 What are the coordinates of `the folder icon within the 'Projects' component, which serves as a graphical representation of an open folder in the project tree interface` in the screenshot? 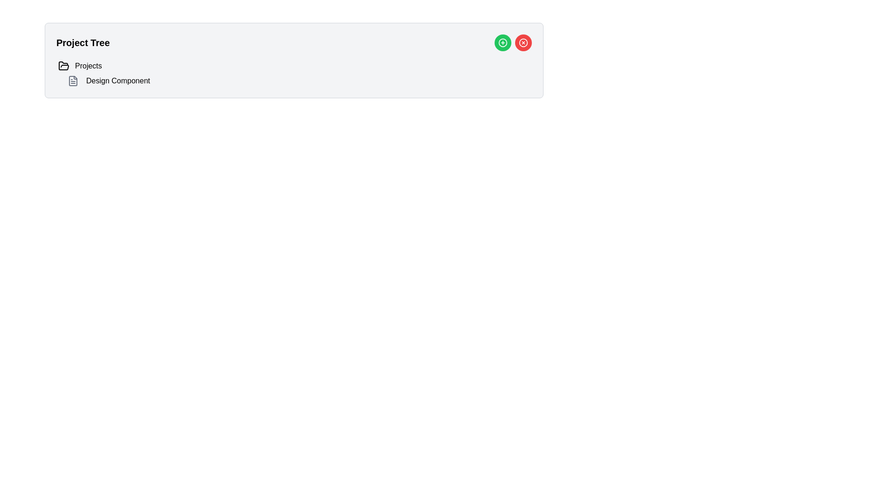 It's located at (63, 65).